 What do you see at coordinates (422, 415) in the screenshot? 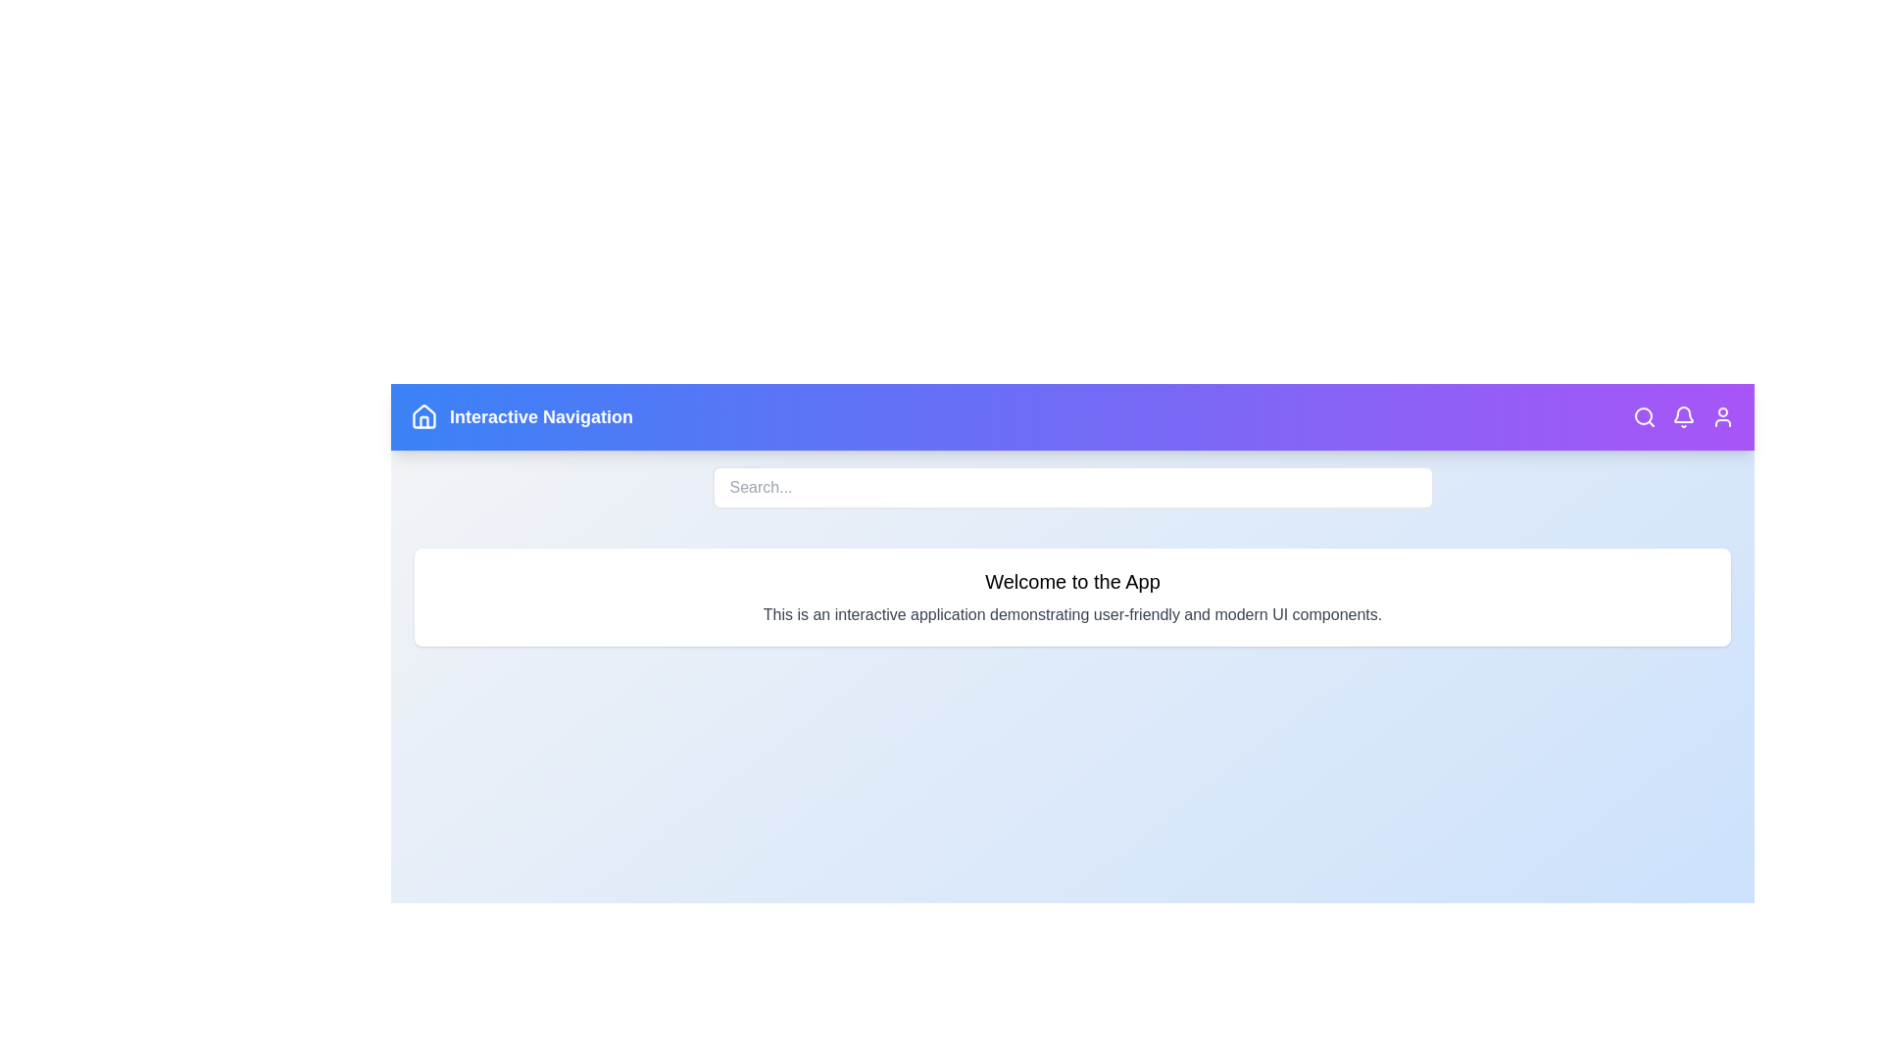
I see `the Home Icon to see the tooltip or visual feedback` at bounding box center [422, 415].